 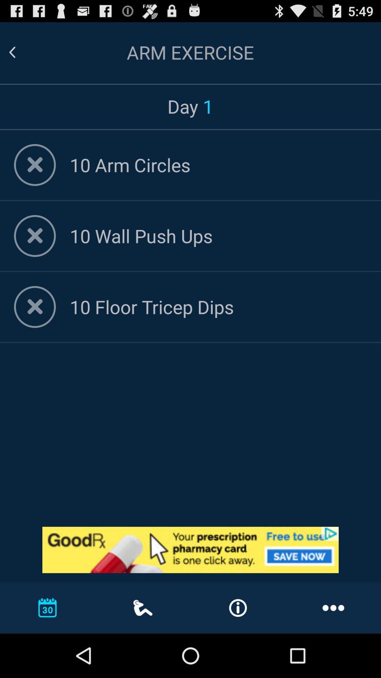 I want to click on the arrow_backward icon, so click(x=20, y=55).